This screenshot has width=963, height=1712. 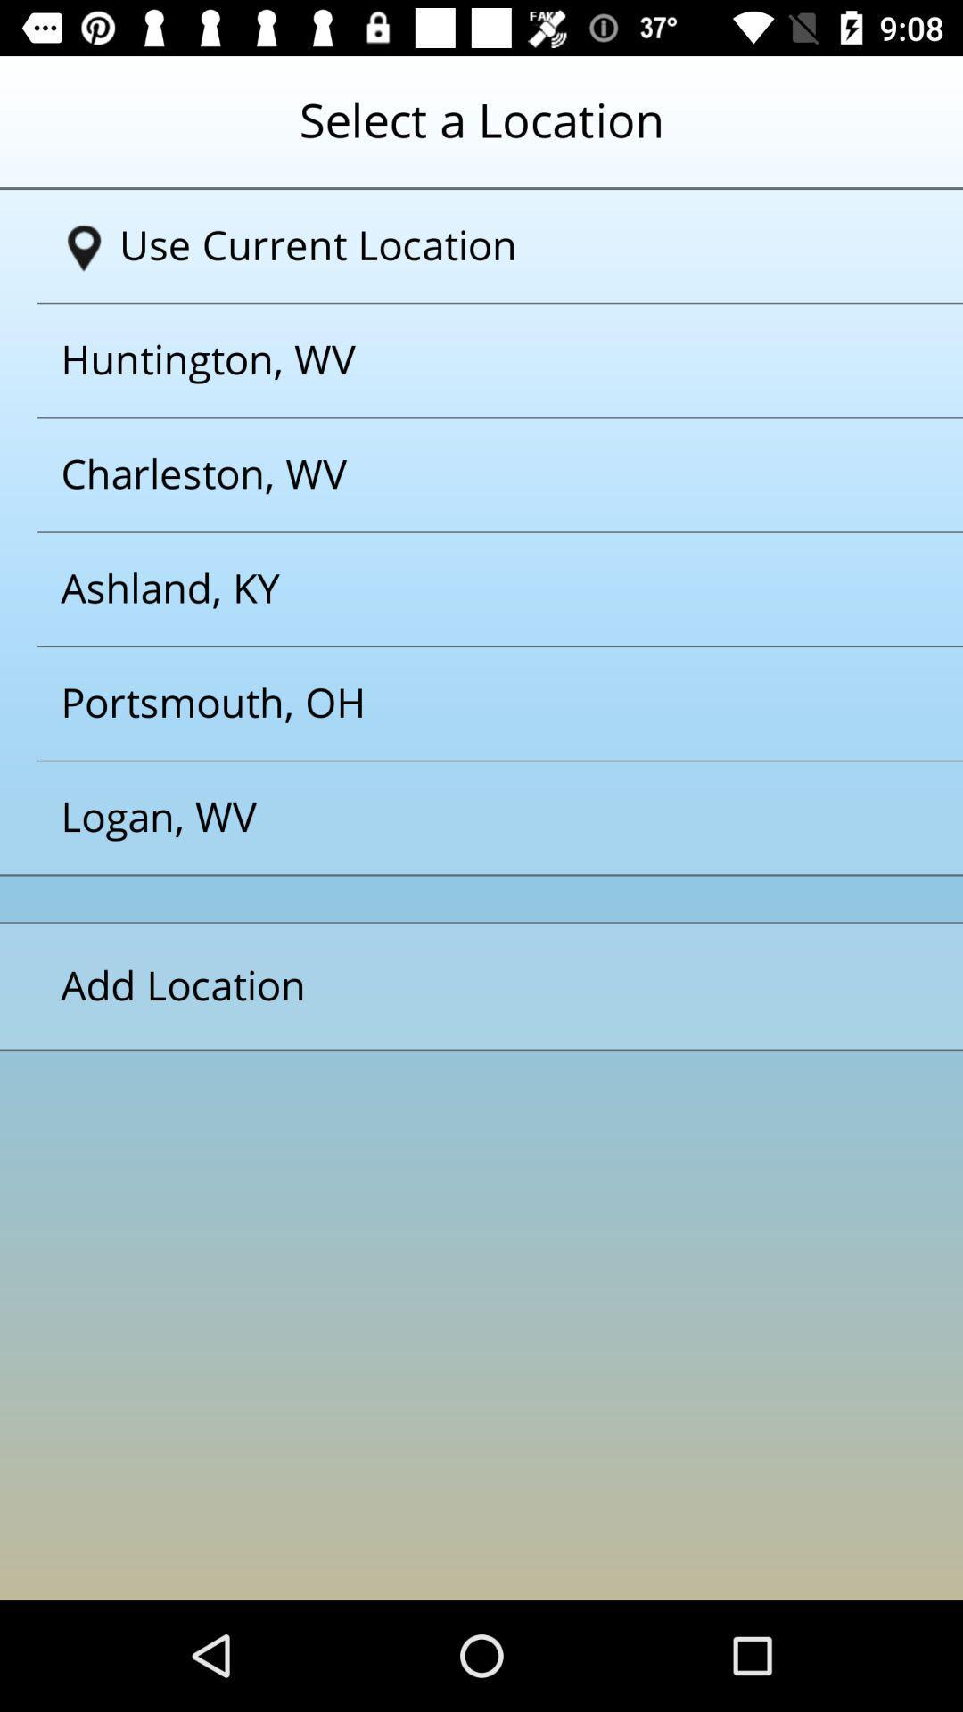 What do you see at coordinates (458, 817) in the screenshot?
I see `option above add location` at bounding box center [458, 817].